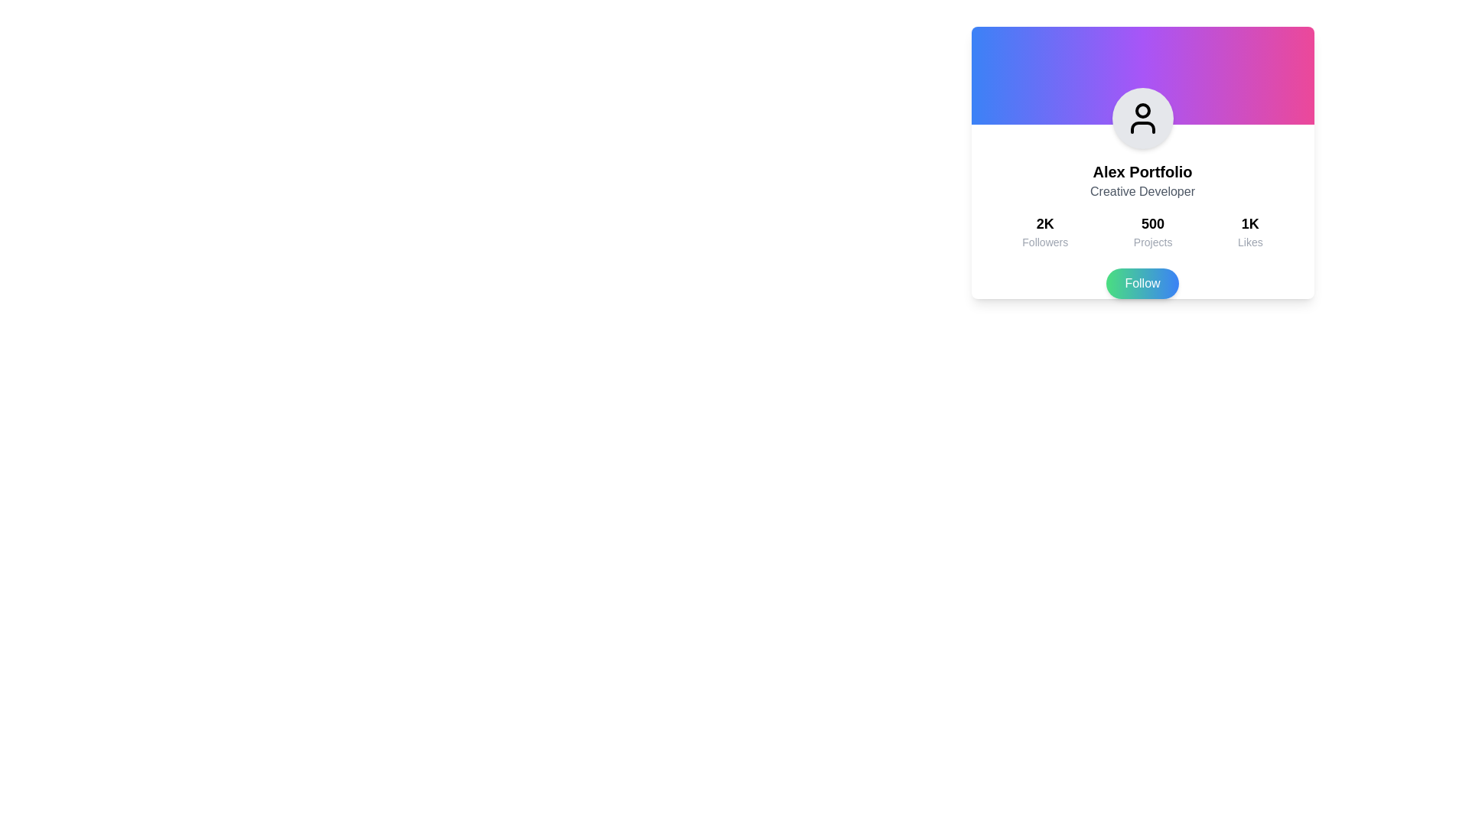  I want to click on the user profile icon, which is a minimalist black outline resembling a head and shoulders, located at the top of the user card for viewing the related user profile, so click(1142, 117).